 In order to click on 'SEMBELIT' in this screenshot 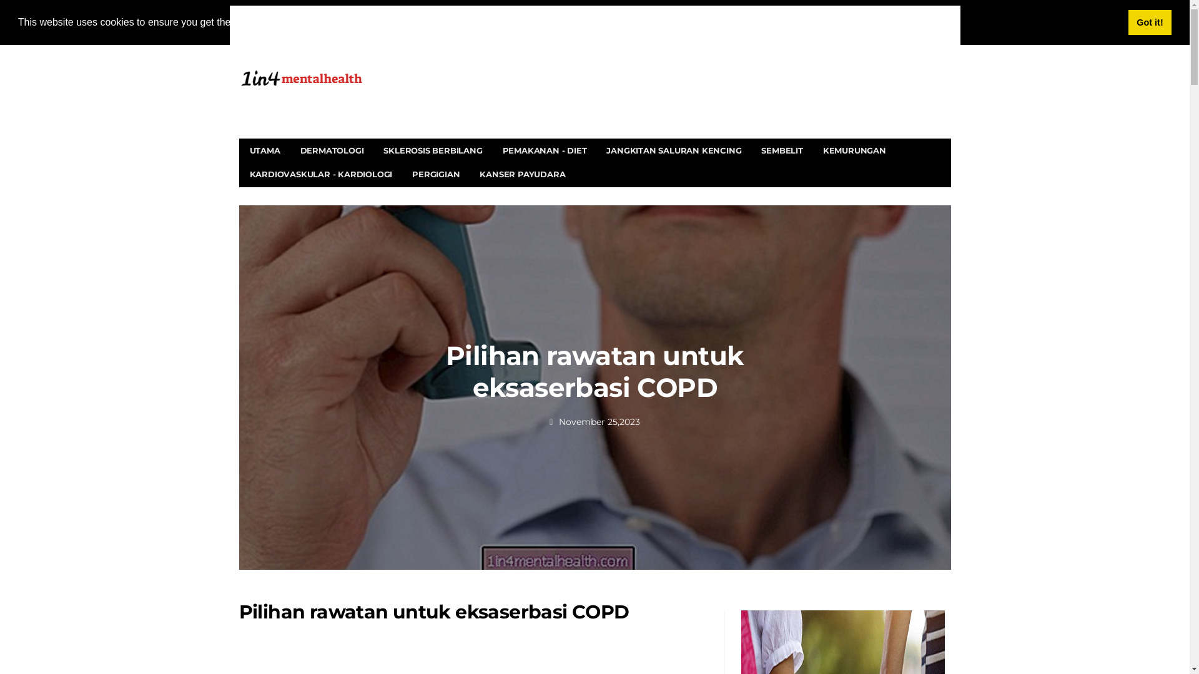, I will do `click(781, 149)`.